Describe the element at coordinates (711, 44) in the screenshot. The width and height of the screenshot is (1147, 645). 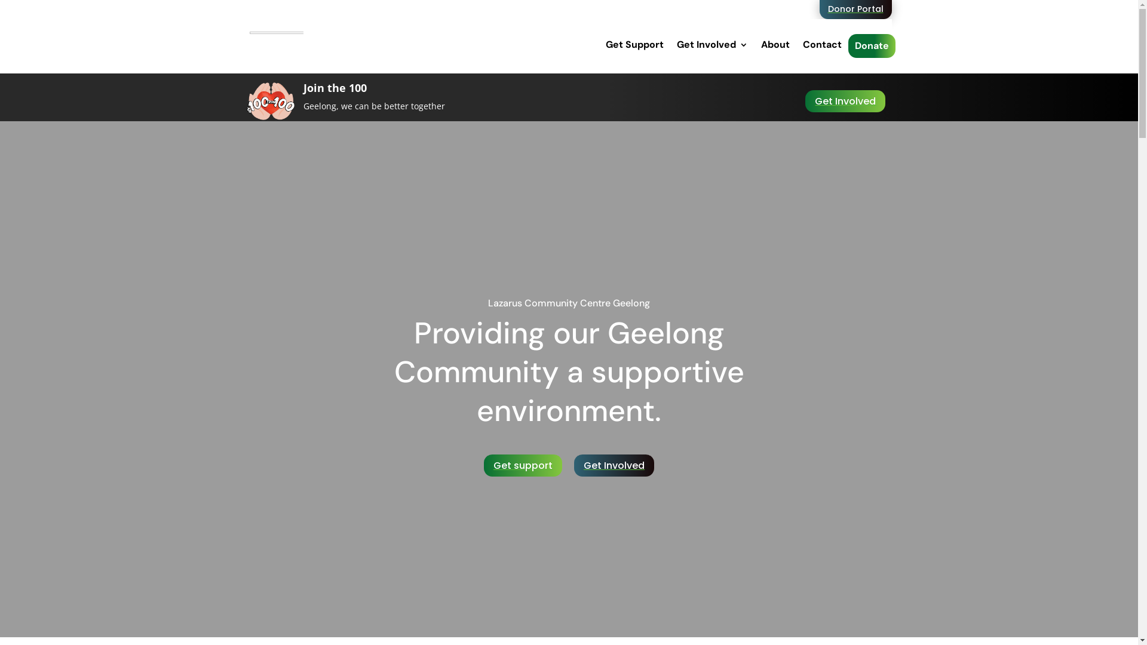
I see `'Get Involved'` at that location.